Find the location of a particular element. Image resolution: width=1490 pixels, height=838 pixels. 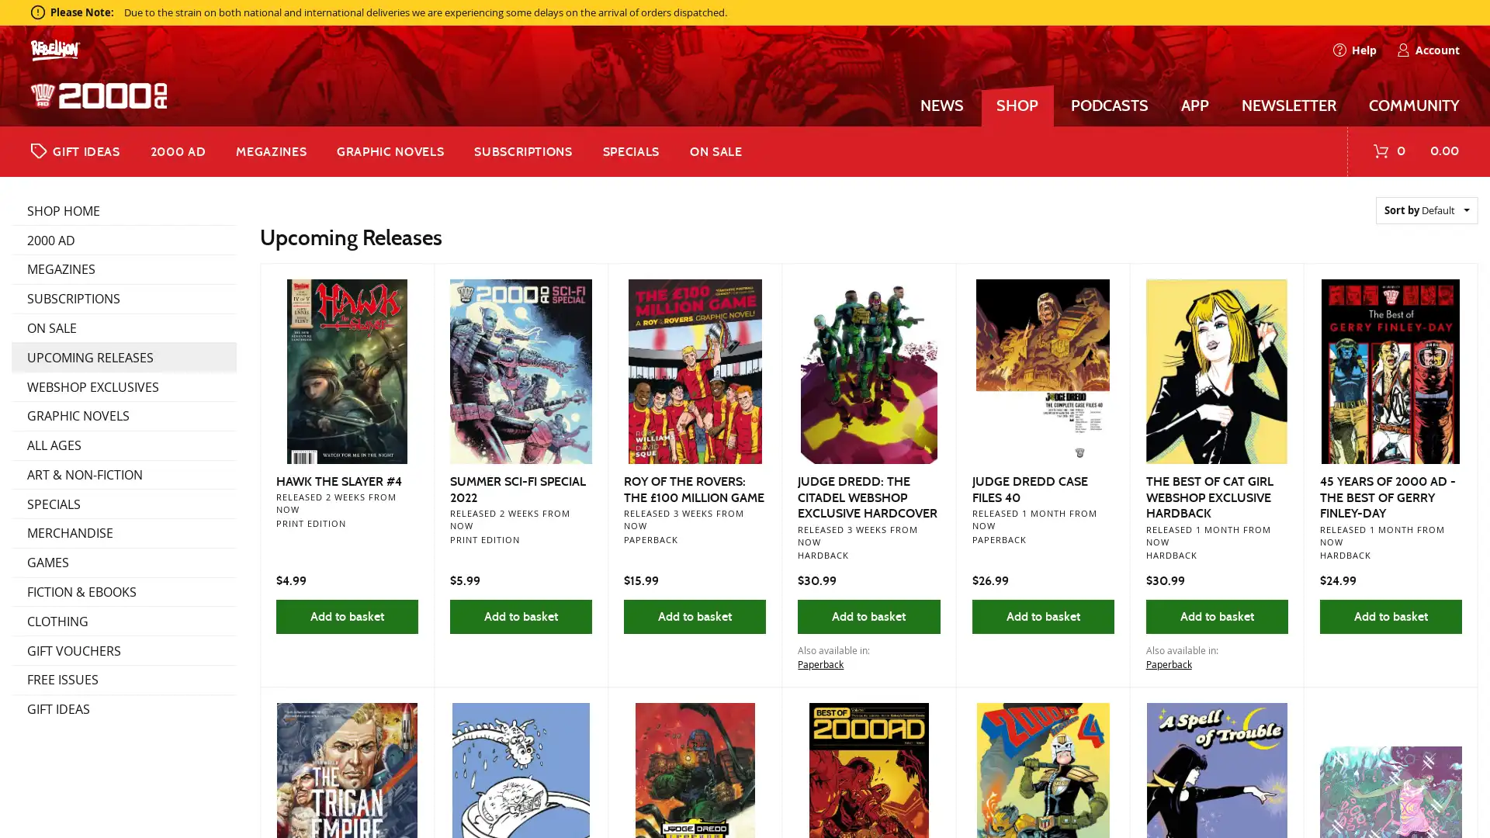

Add to basket is located at coordinates (694, 615).